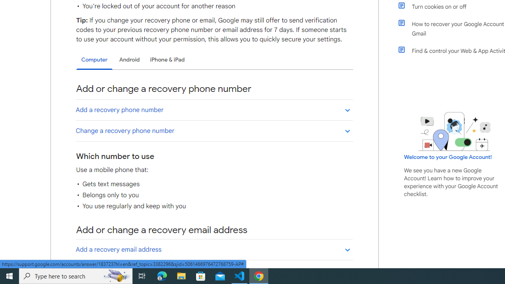 This screenshot has width=505, height=284. Describe the element at coordinates (448, 157) in the screenshot. I see `'Welcome to your Google Account!'` at that location.